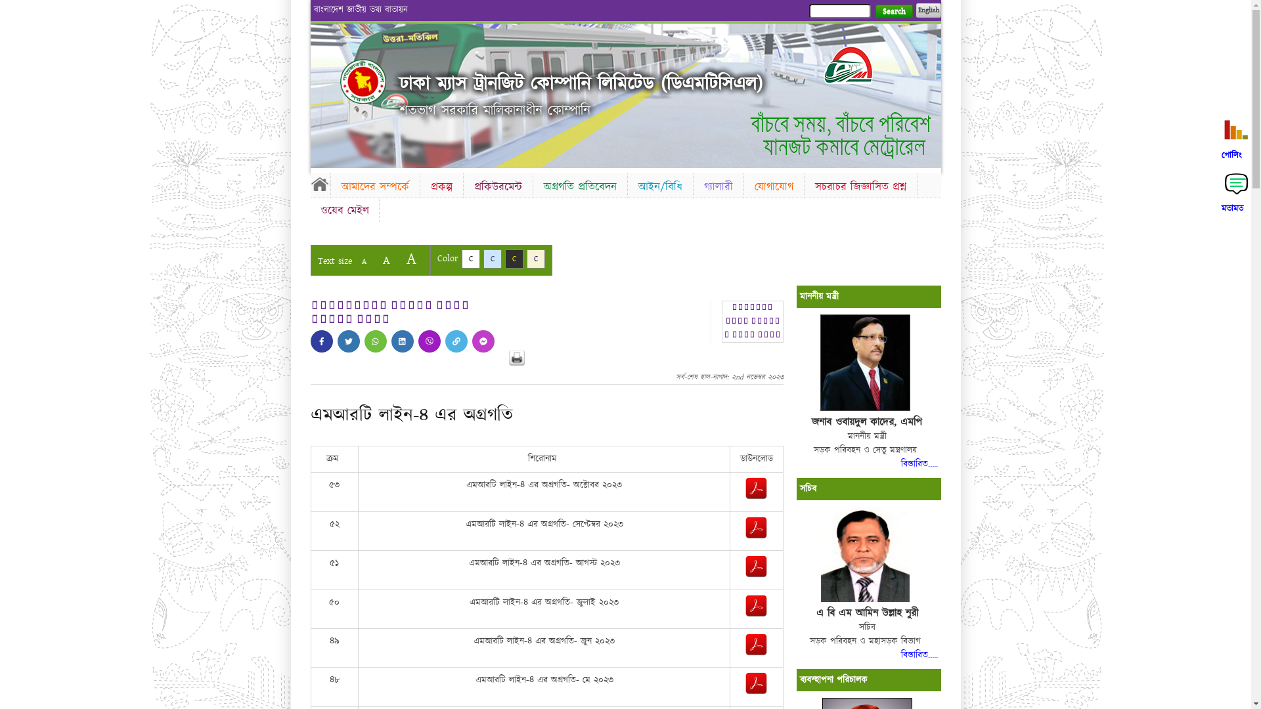 This screenshot has width=1261, height=709. Describe the element at coordinates (319, 184) in the screenshot. I see `'Home'` at that location.